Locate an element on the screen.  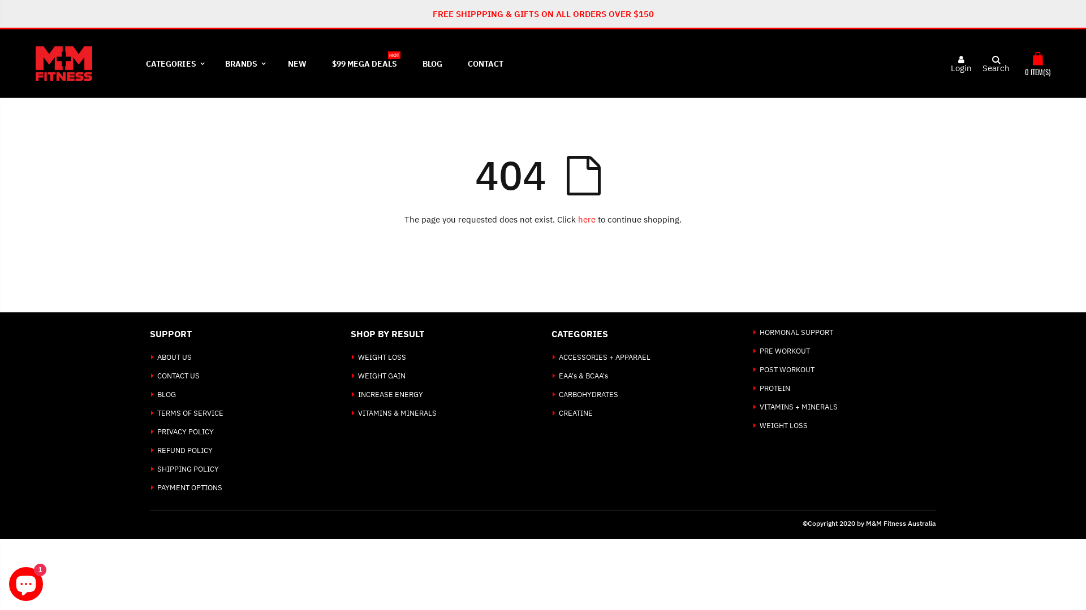
'REFUND POLICY' is located at coordinates (157, 450).